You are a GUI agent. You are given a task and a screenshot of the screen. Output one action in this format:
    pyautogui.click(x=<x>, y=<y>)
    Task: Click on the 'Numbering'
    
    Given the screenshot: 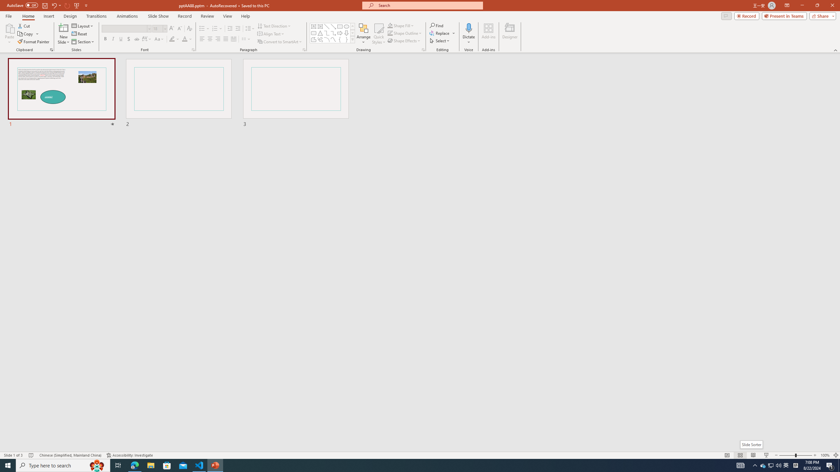 What is the action you would take?
    pyautogui.click(x=215, y=29)
    